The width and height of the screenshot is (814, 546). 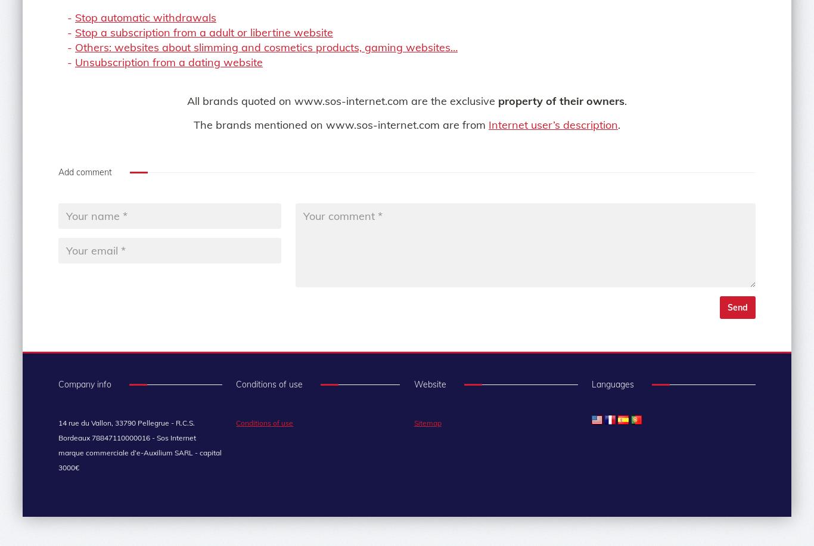 What do you see at coordinates (84, 383) in the screenshot?
I see `'Company info'` at bounding box center [84, 383].